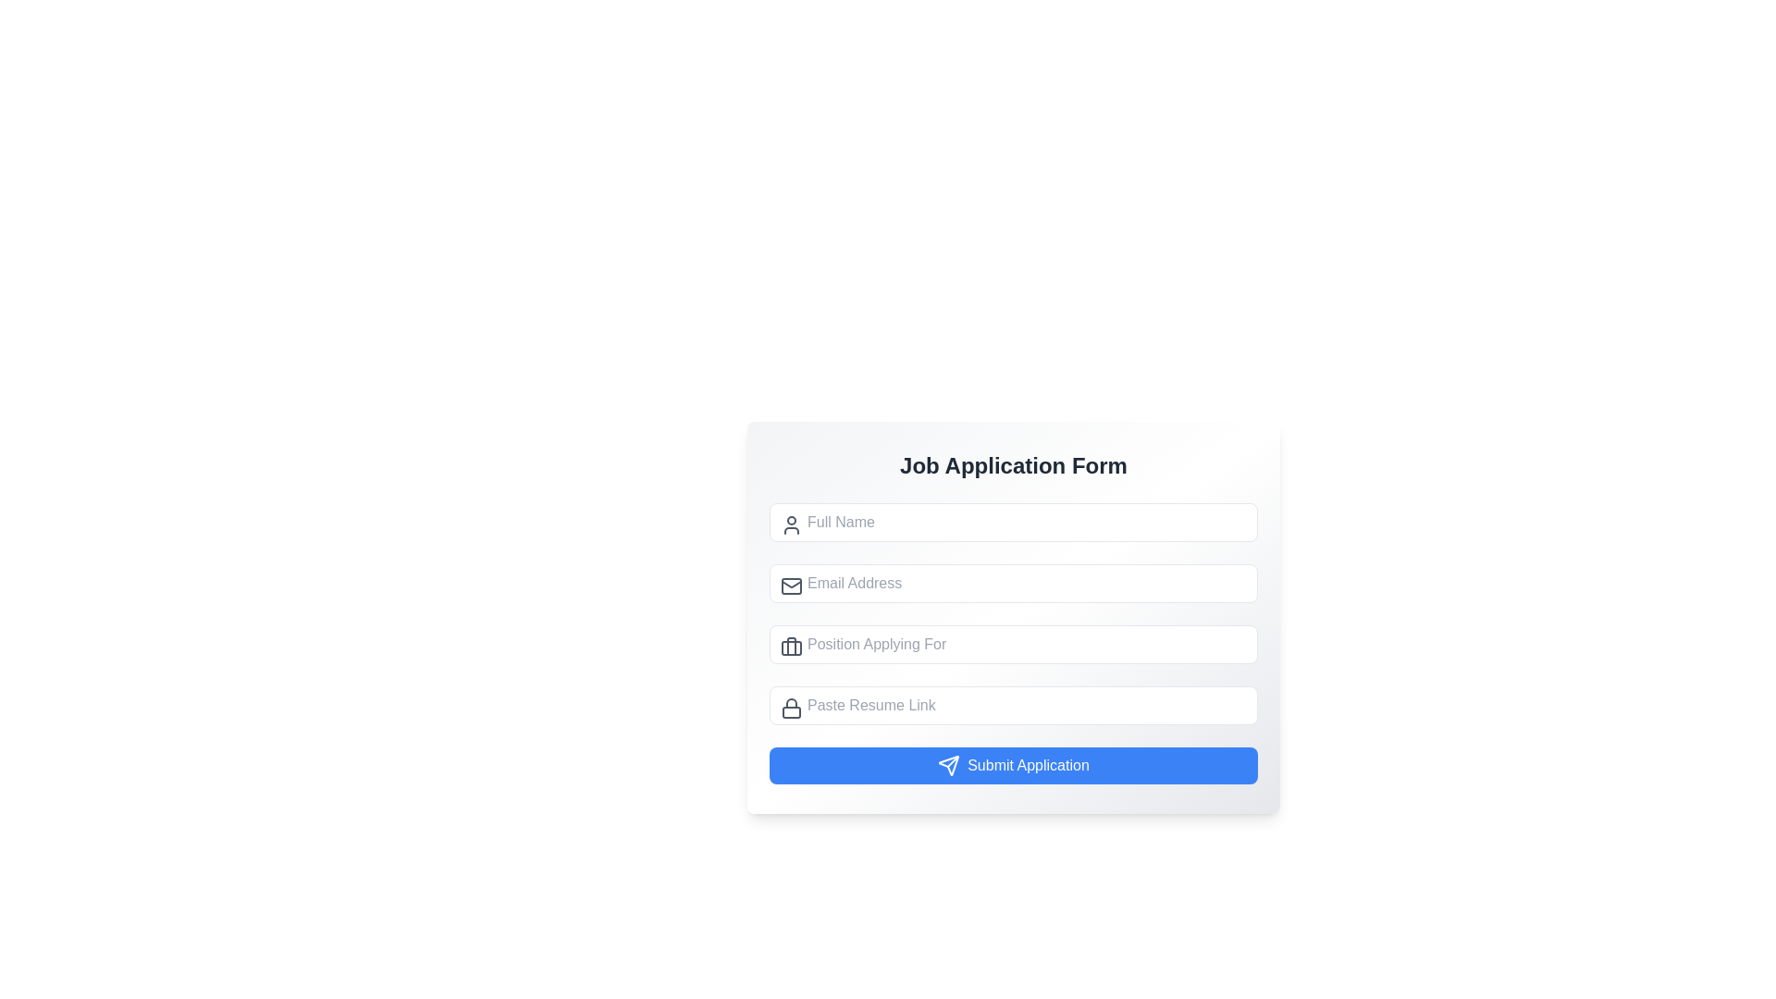 This screenshot has width=1776, height=999. Describe the element at coordinates (791, 524) in the screenshot. I see `the small user icon represented as a simple SVG graphic, located on the left side of the 'Full Name' text input field` at that location.